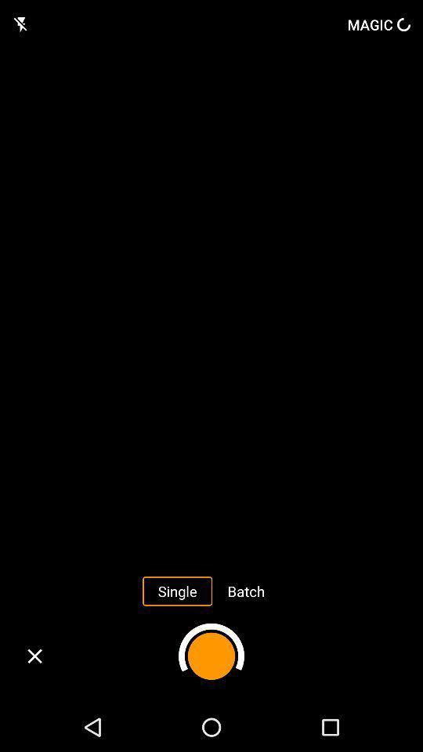 The image size is (423, 752). Describe the element at coordinates (20, 23) in the screenshot. I see `item next to magic icon` at that location.